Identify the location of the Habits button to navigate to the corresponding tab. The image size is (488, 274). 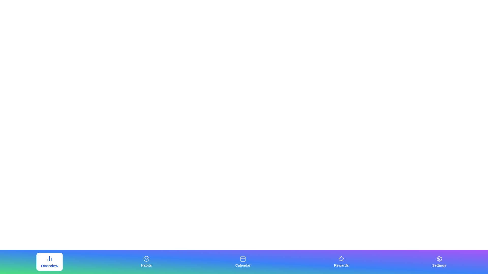
(146, 262).